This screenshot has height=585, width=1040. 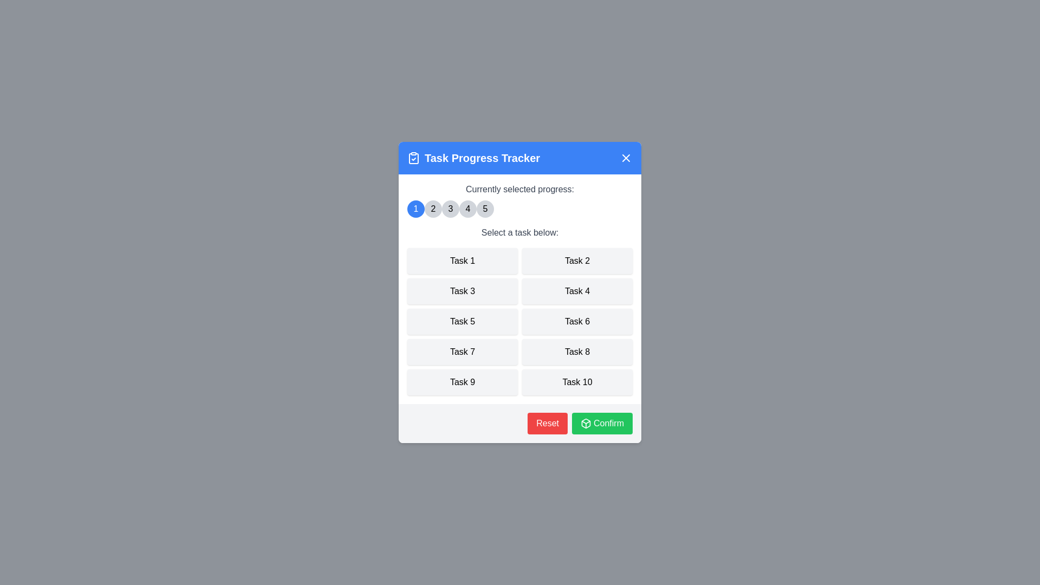 What do you see at coordinates (626, 158) in the screenshot?
I see `the close button to close the dialog` at bounding box center [626, 158].